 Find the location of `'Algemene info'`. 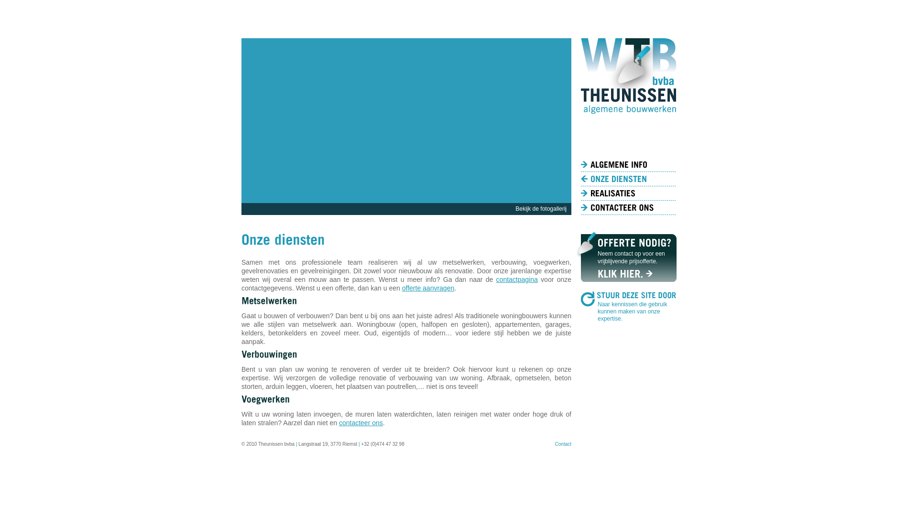

'Algemene info' is located at coordinates (629, 164).